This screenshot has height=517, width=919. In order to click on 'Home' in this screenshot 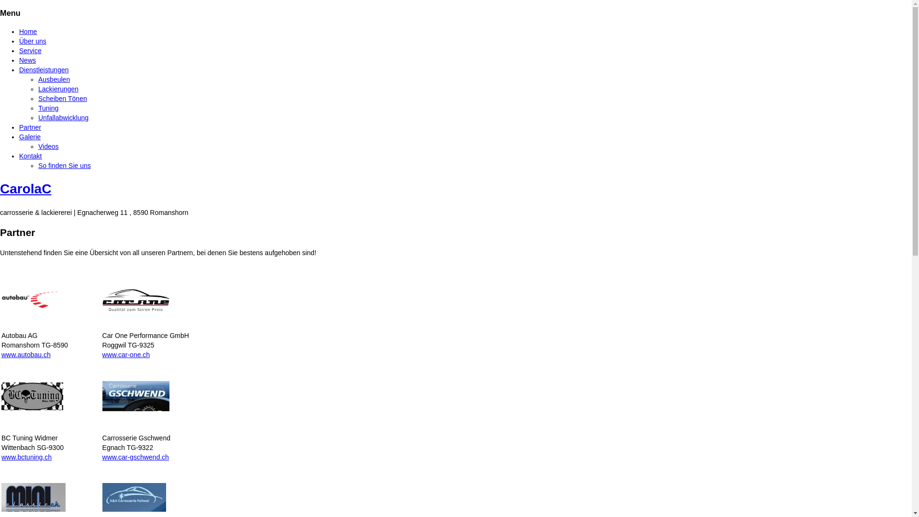, I will do `click(28, 31)`.